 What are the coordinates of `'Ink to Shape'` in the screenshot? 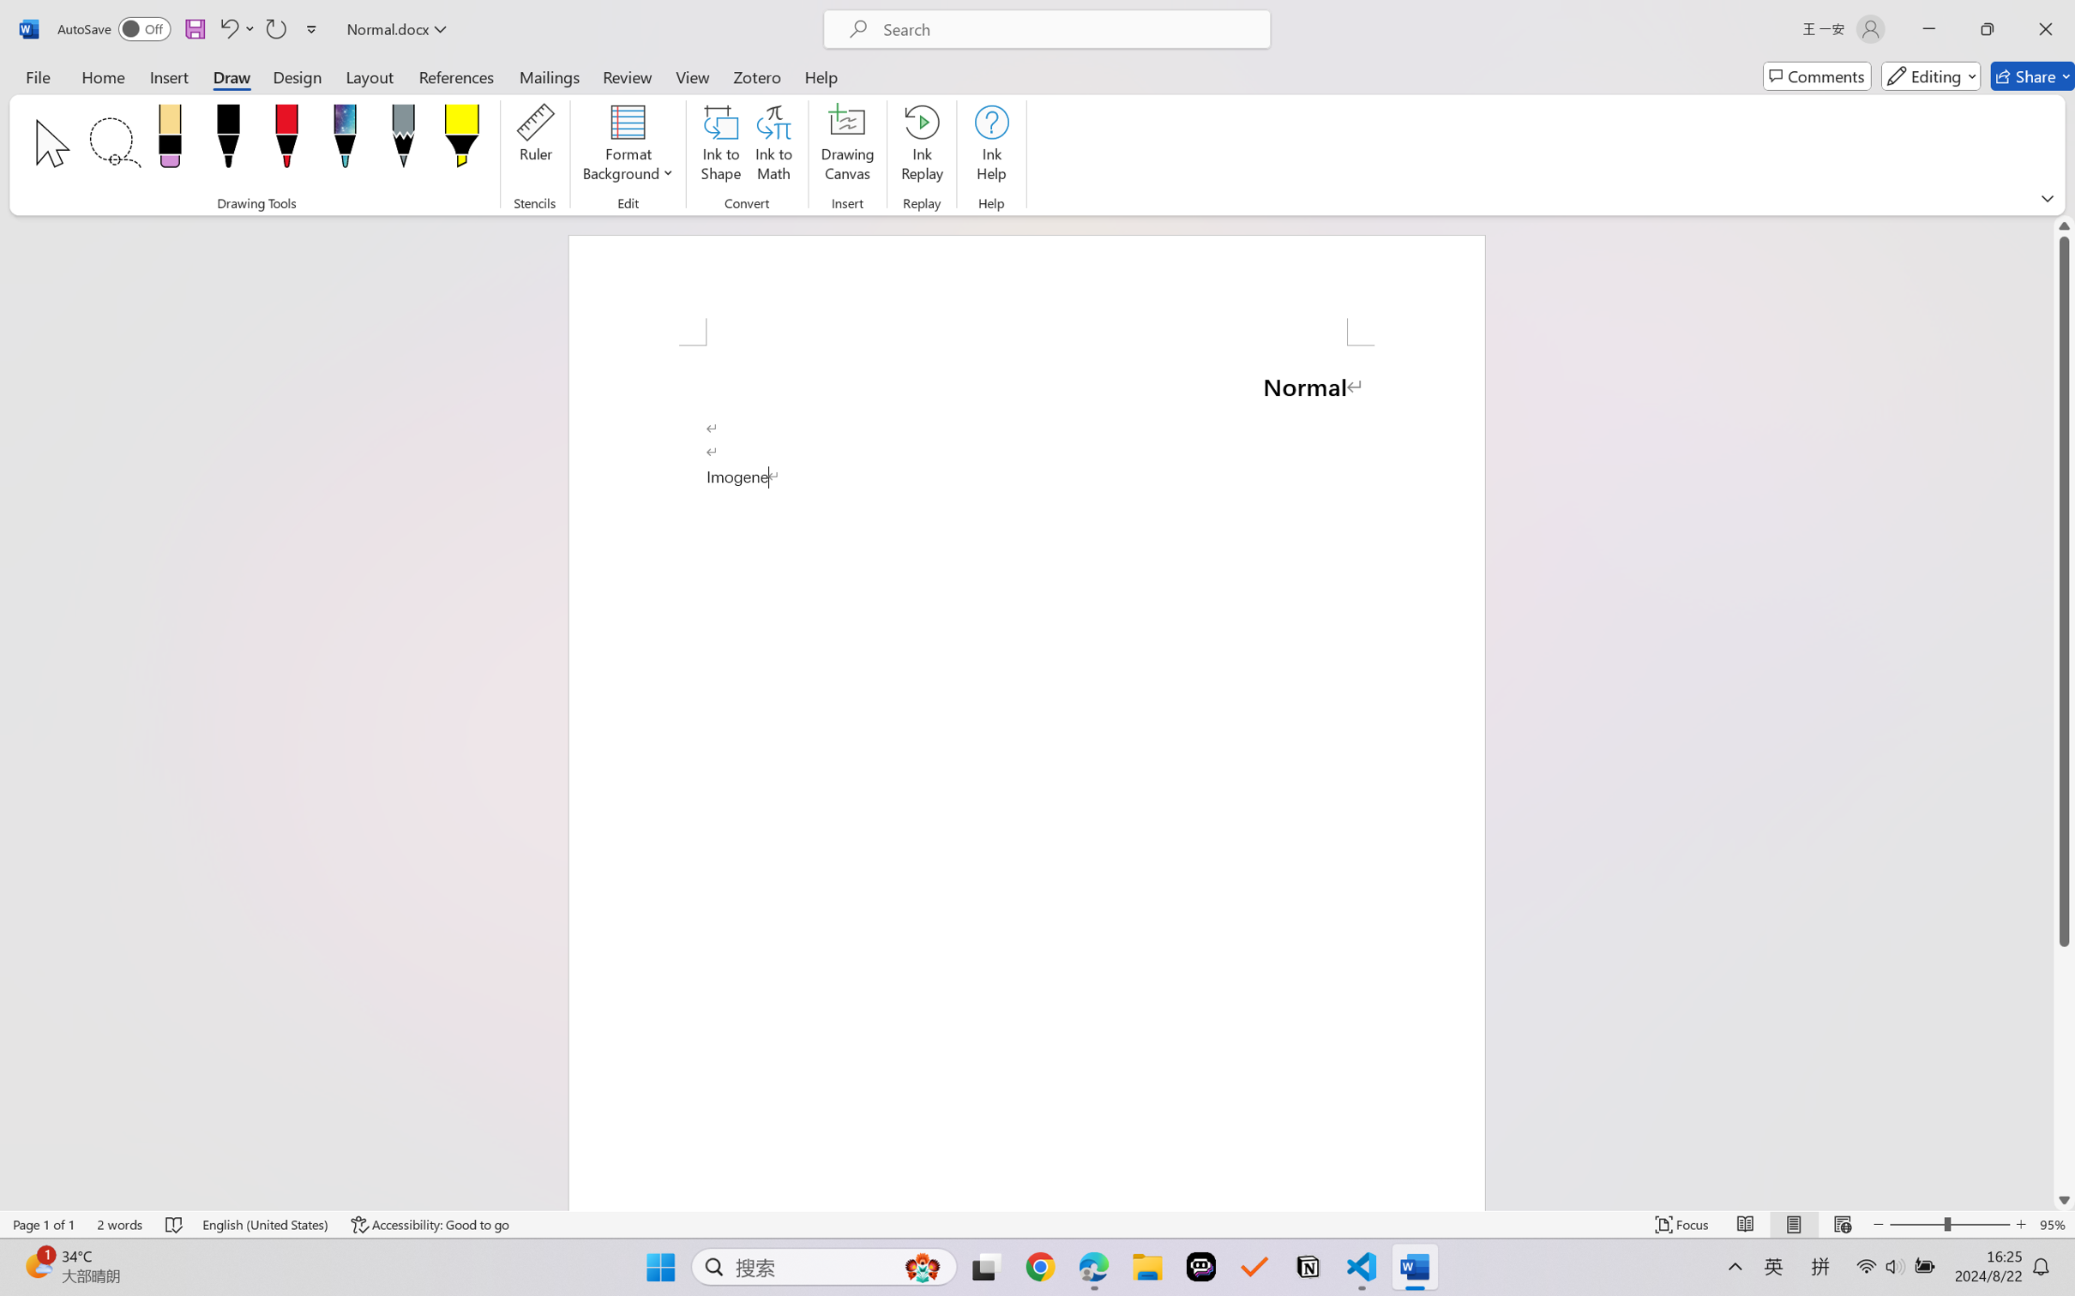 It's located at (720, 146).